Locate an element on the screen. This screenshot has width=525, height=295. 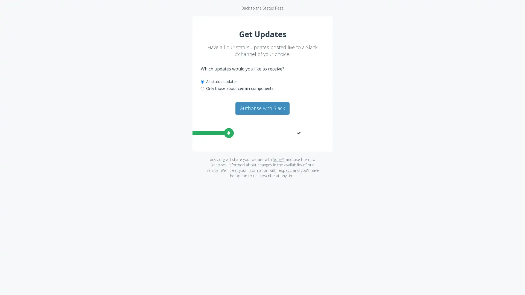
Authorise with Slack is located at coordinates (262, 108).